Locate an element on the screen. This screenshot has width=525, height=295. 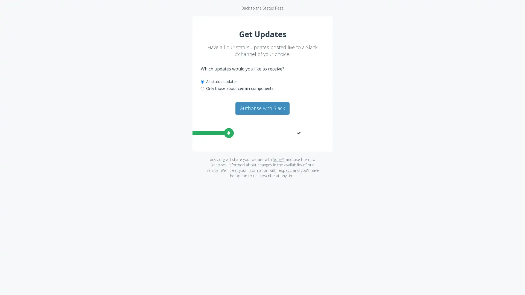
Authorise with Slack is located at coordinates (262, 108).